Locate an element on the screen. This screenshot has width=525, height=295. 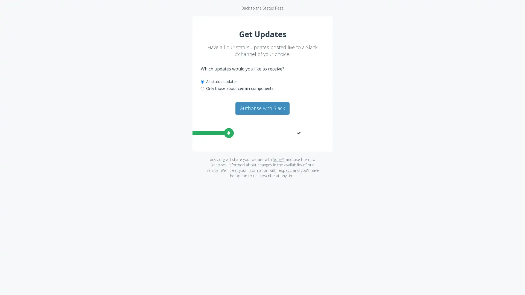
Authorise with Slack is located at coordinates (262, 108).